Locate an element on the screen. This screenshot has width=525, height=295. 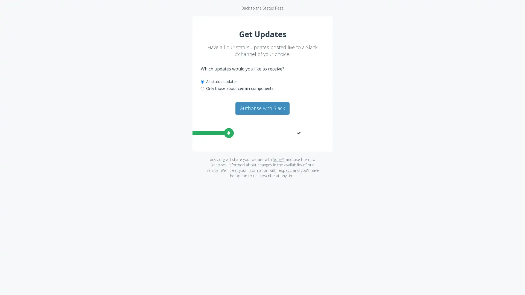
Authorise with Slack is located at coordinates (262, 108).